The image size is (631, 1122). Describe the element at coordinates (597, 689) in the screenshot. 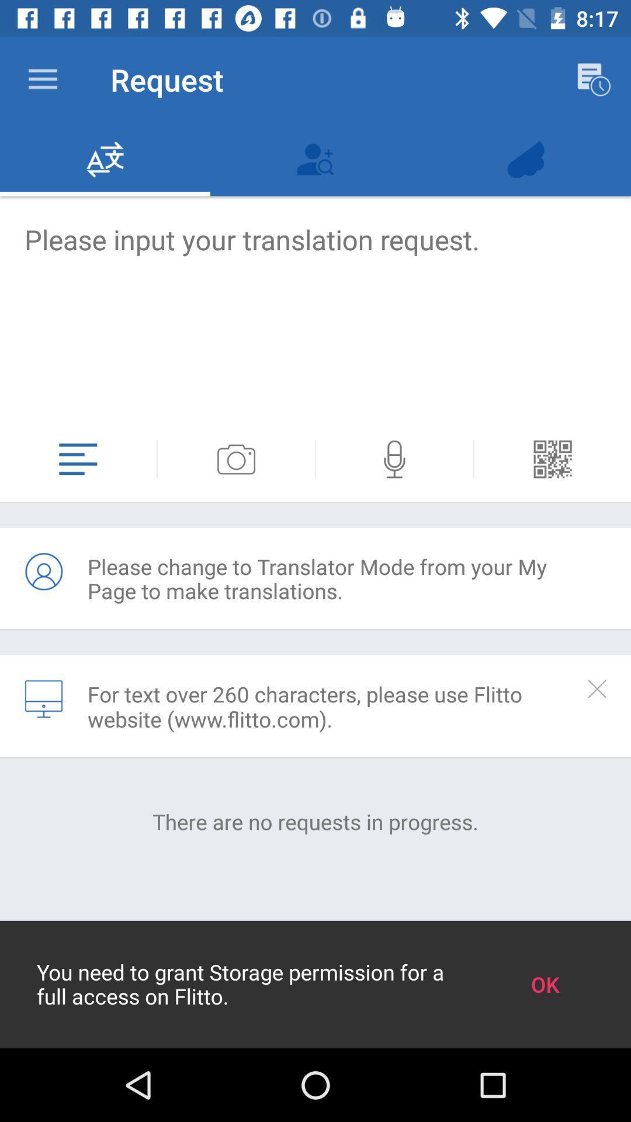

I see `app to the right of the for text over` at that location.